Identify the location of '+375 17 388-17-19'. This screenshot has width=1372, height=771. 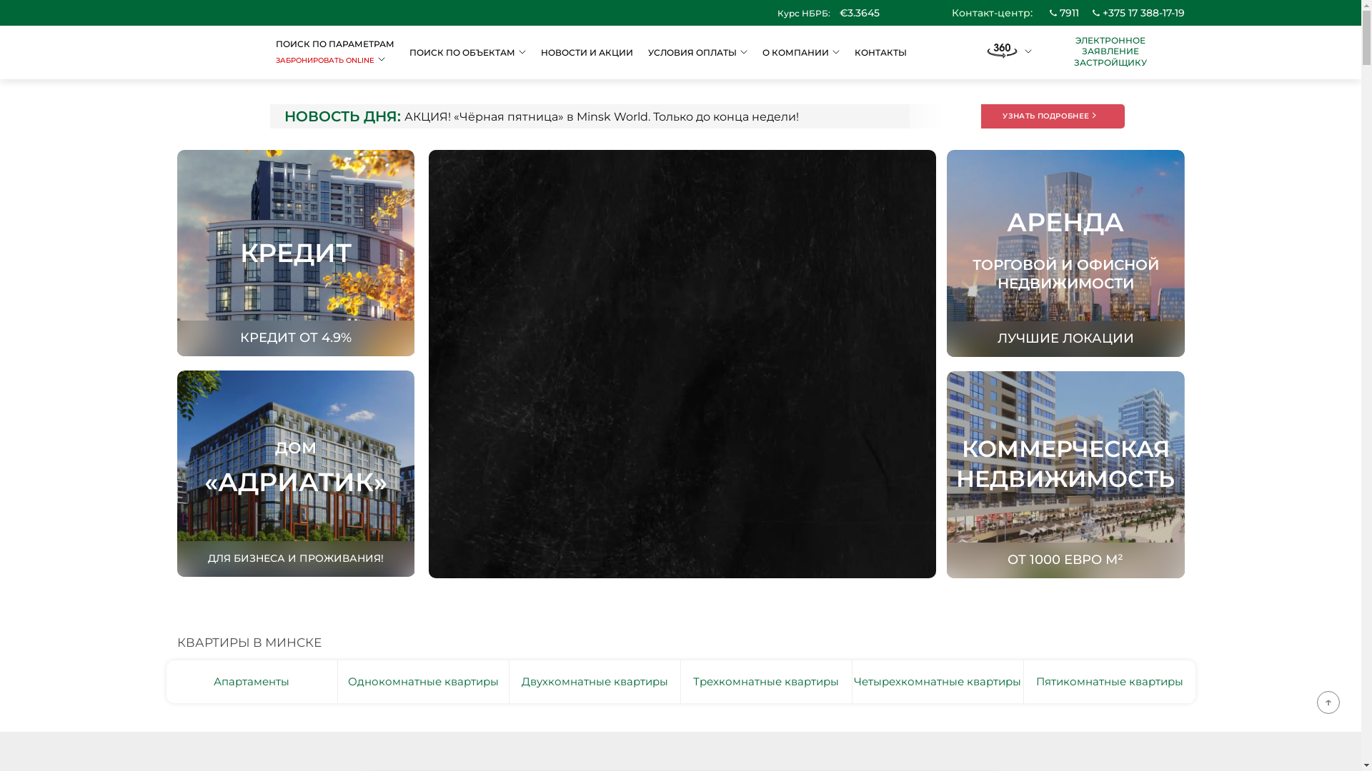
(1137, 13).